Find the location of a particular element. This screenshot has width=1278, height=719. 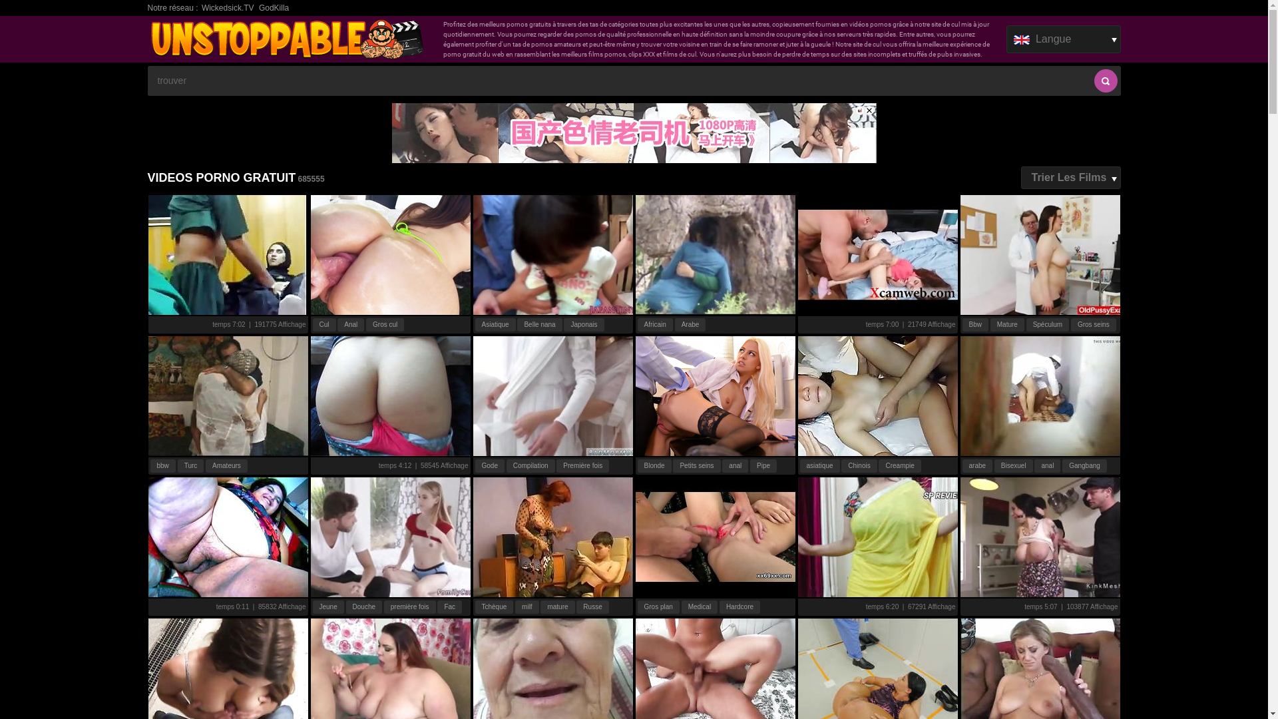

'Russe' is located at coordinates (576, 606).